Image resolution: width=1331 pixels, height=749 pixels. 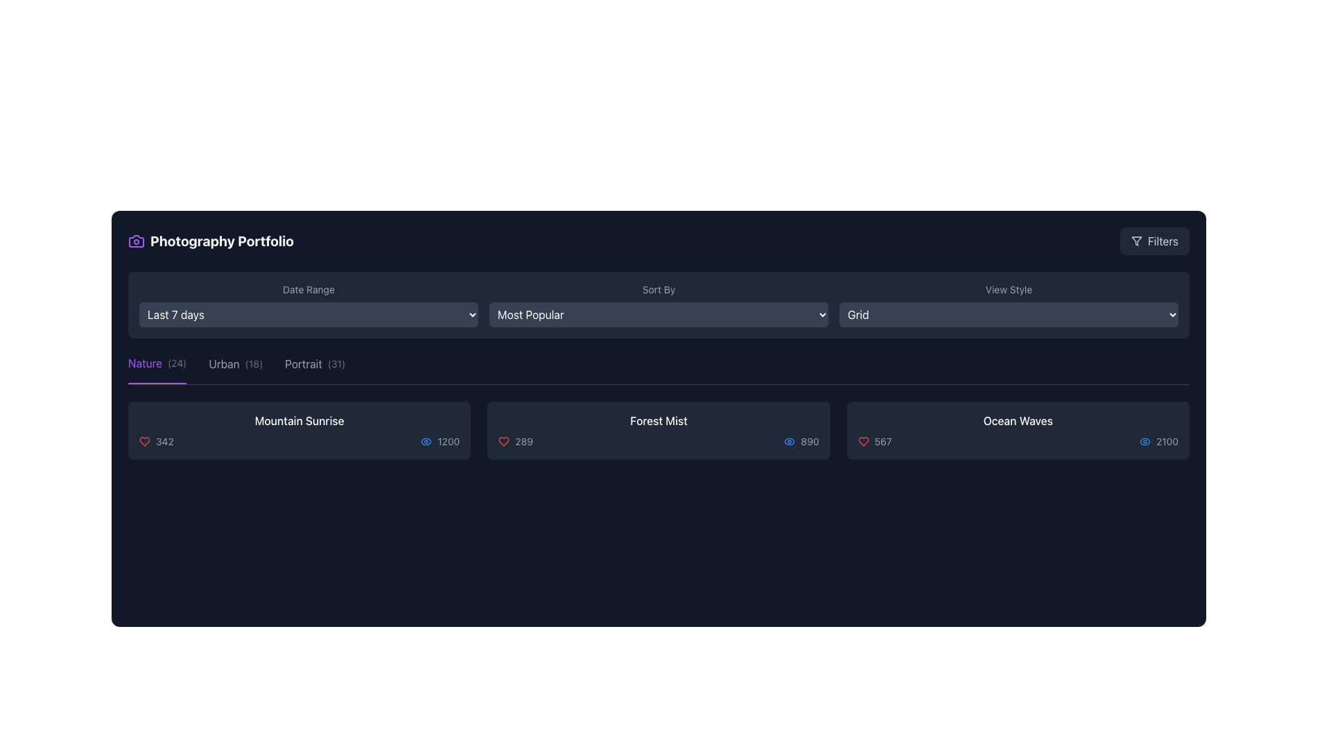 What do you see at coordinates (503, 441) in the screenshot?
I see `the heart-shaped 'like' button located in the second card titled 'Forest Mist' for keyboard interaction` at bounding box center [503, 441].